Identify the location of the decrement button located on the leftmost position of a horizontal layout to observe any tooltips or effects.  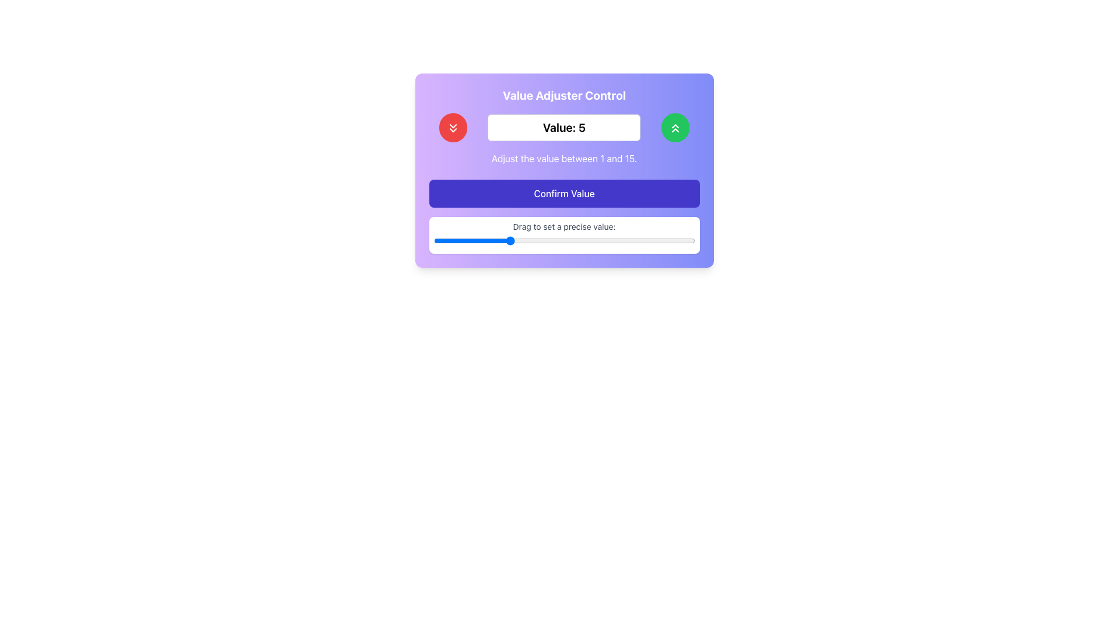
(453, 127).